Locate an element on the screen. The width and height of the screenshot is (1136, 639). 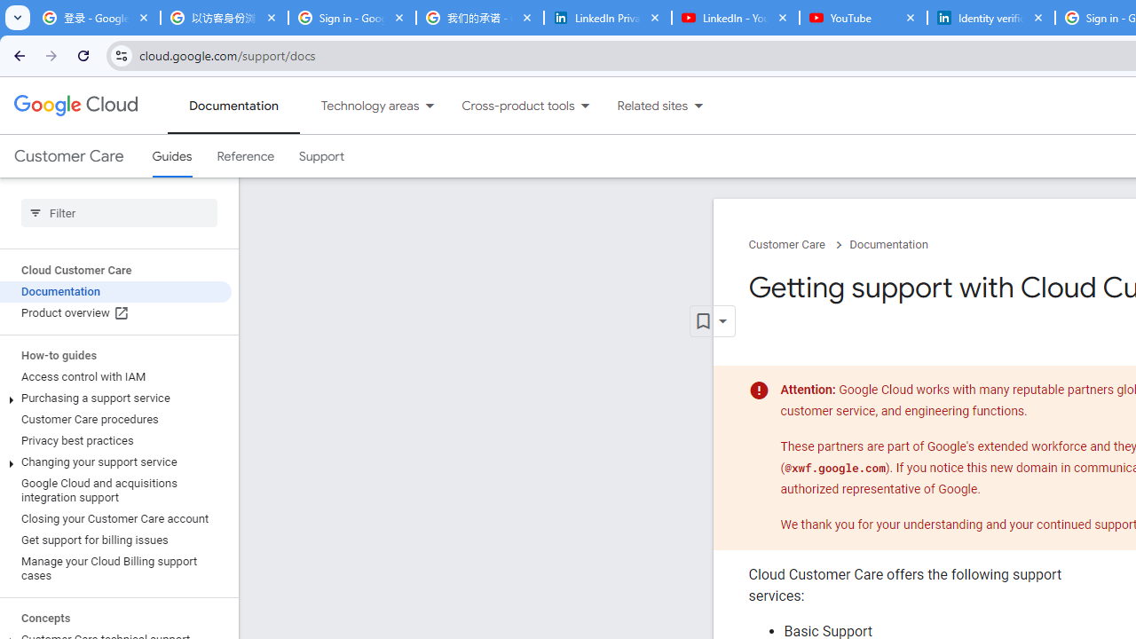
'Google Cloud and acquisitions integration support' is located at coordinates (114, 490).